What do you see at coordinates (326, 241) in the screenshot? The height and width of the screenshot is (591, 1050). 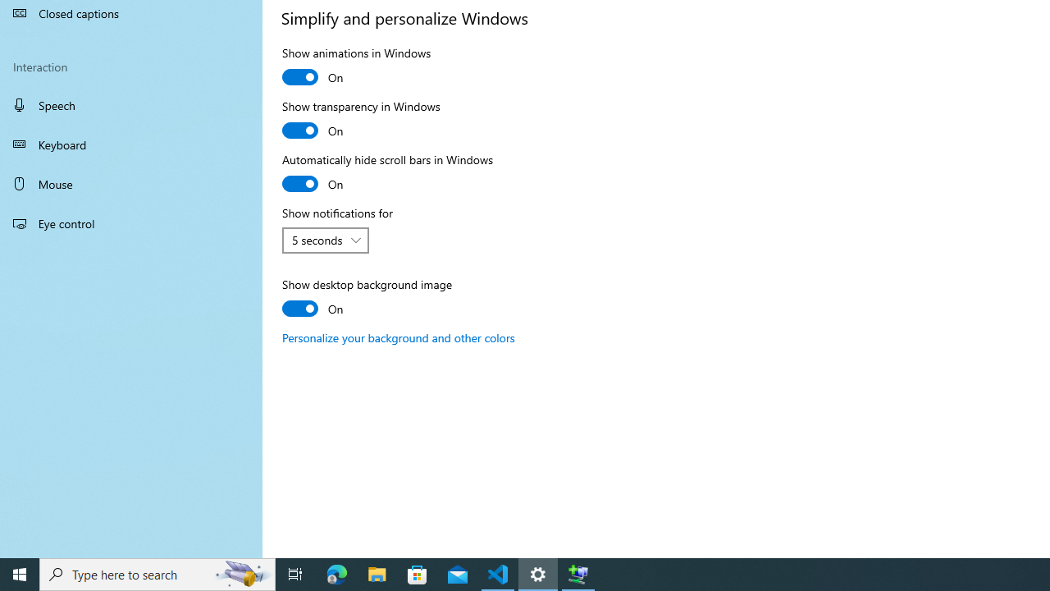 I see `'Show notifications for'` at bounding box center [326, 241].